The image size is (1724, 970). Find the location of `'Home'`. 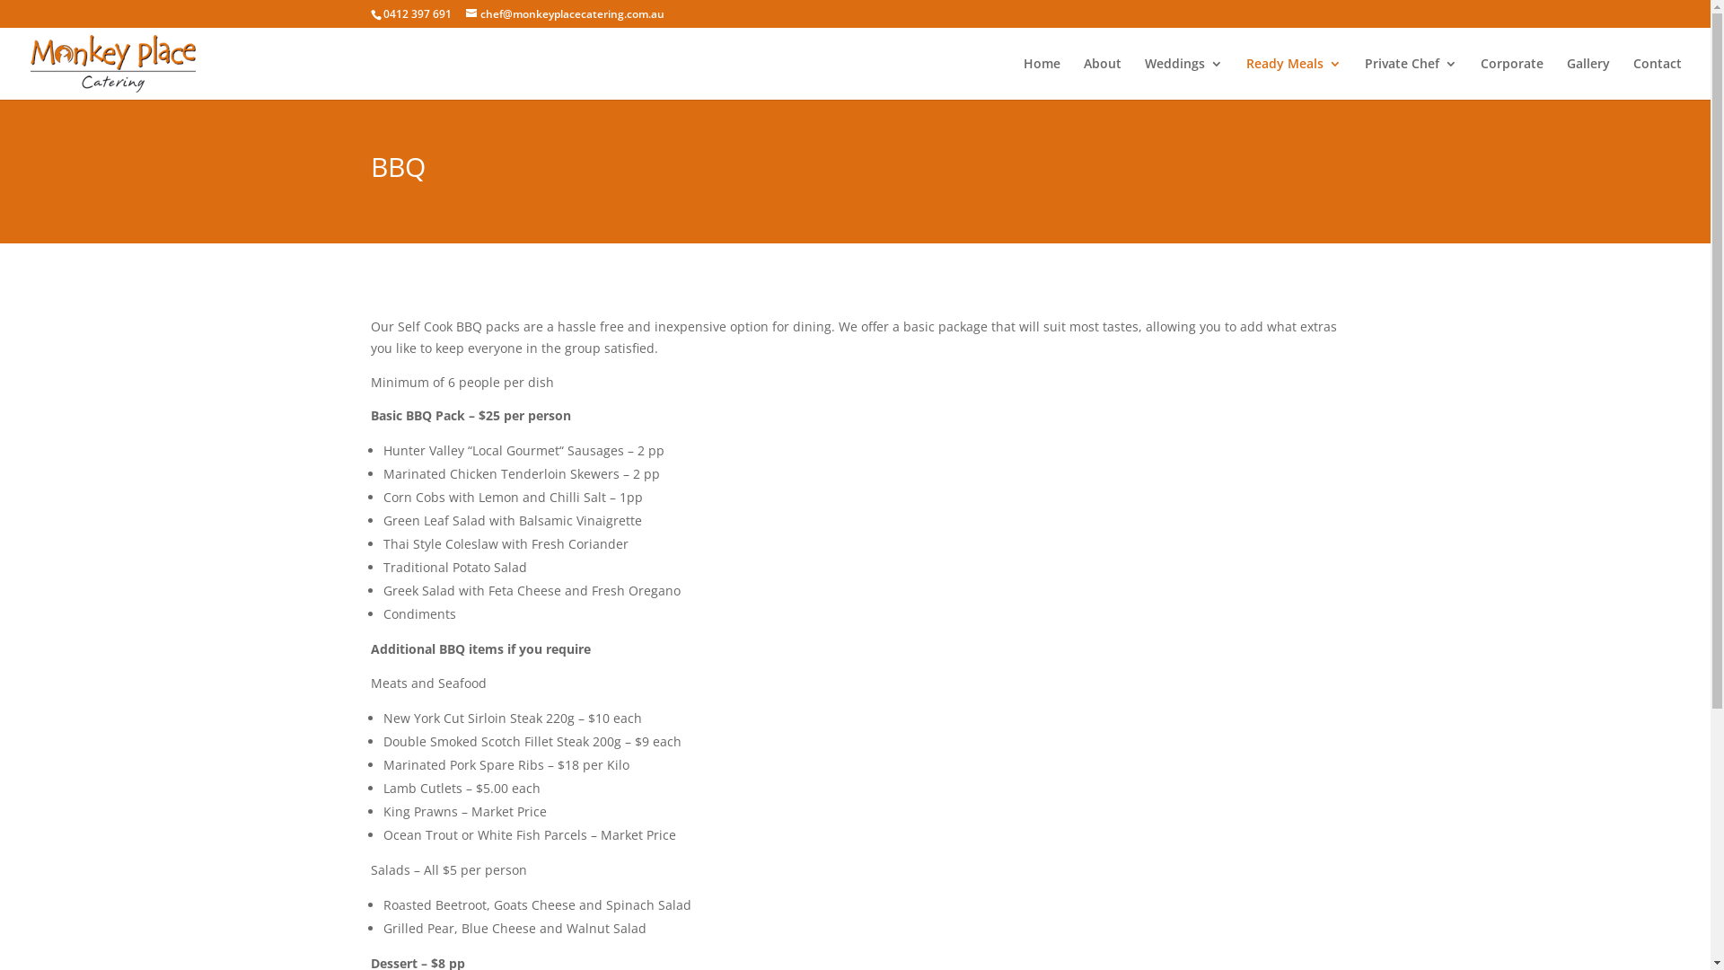

'Home' is located at coordinates (1042, 77).